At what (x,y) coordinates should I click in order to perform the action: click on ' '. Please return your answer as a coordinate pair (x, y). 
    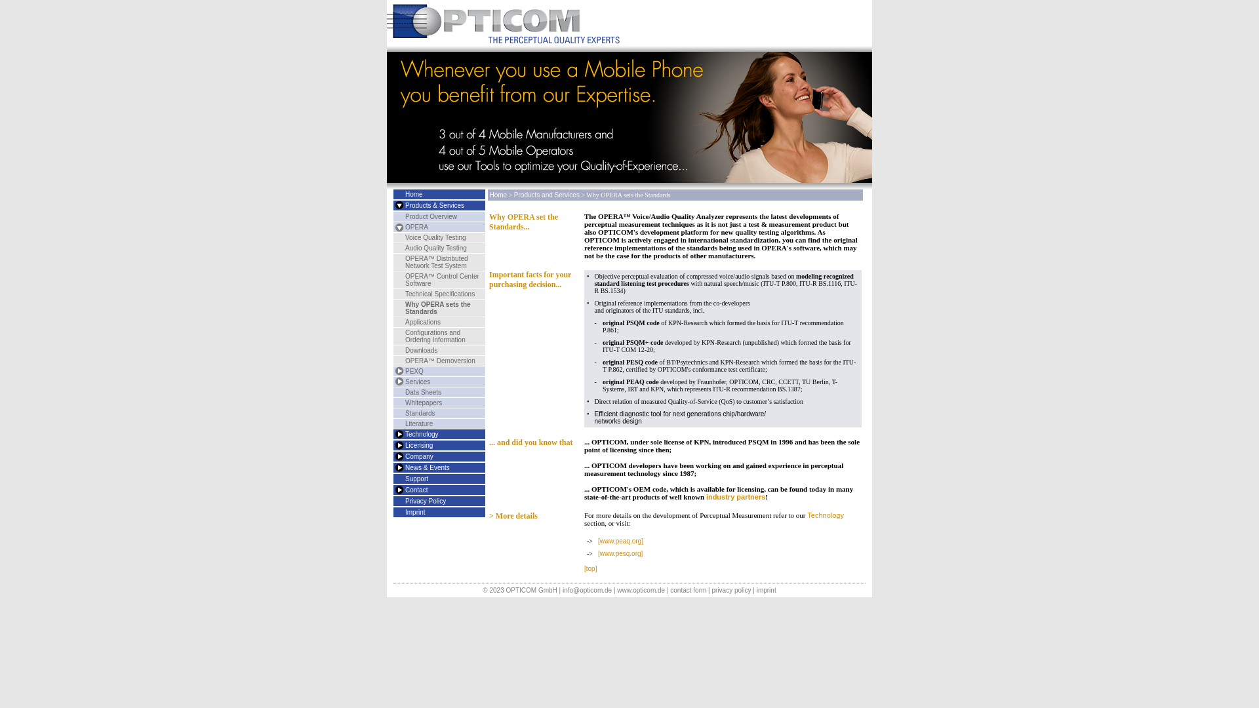
    Looking at the image, I should click on (397, 205).